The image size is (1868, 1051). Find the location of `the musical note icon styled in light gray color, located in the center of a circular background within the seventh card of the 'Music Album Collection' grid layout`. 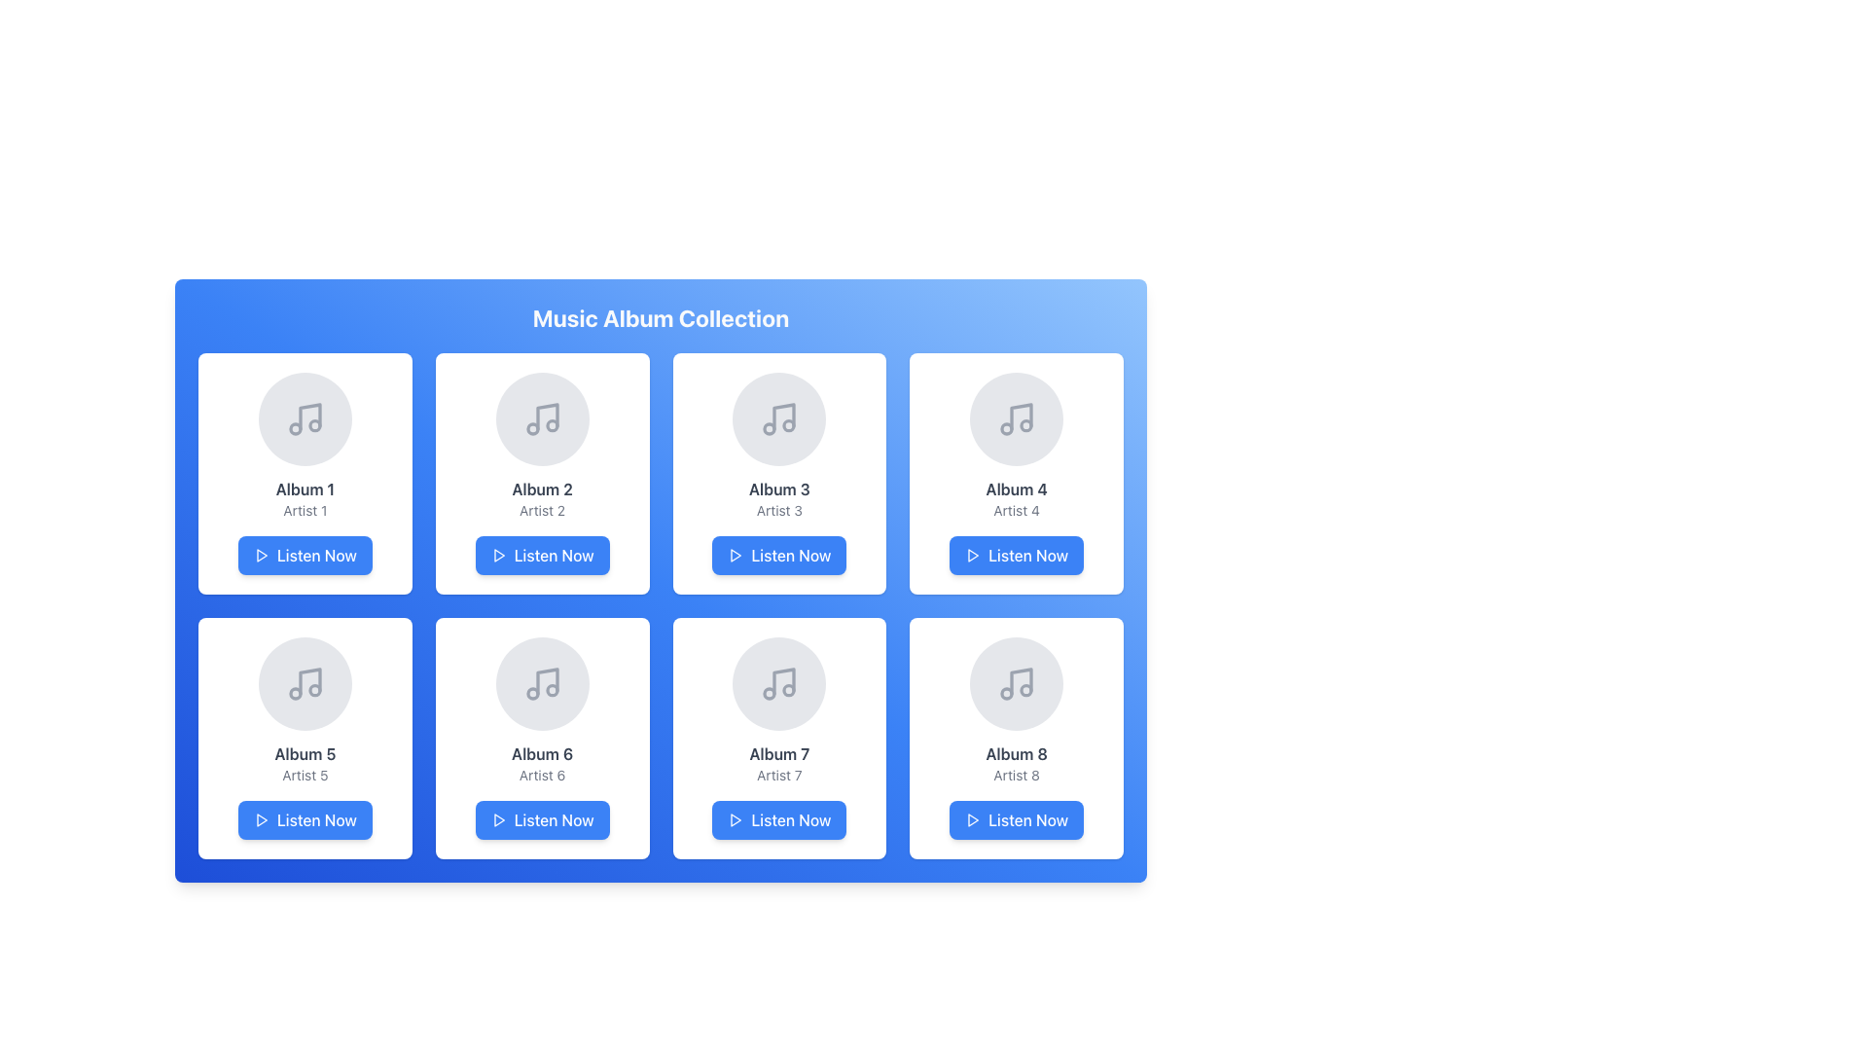

the musical note icon styled in light gray color, located in the center of a circular background within the seventh card of the 'Music Album Collection' grid layout is located at coordinates (779, 682).